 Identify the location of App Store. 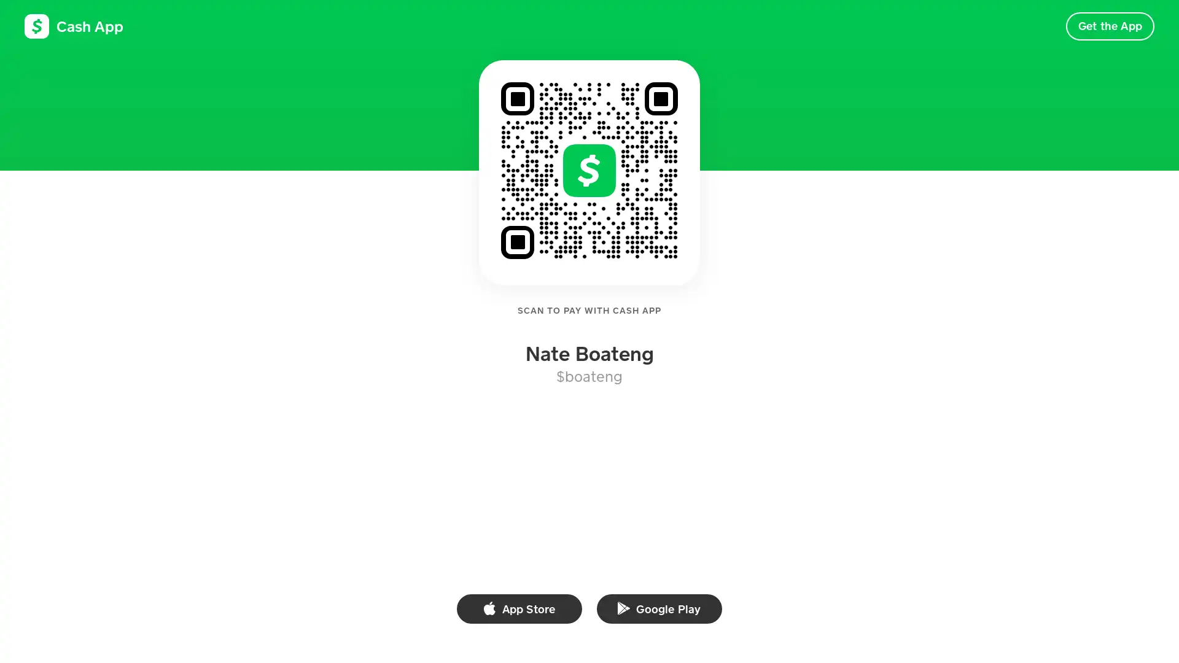
(519, 608).